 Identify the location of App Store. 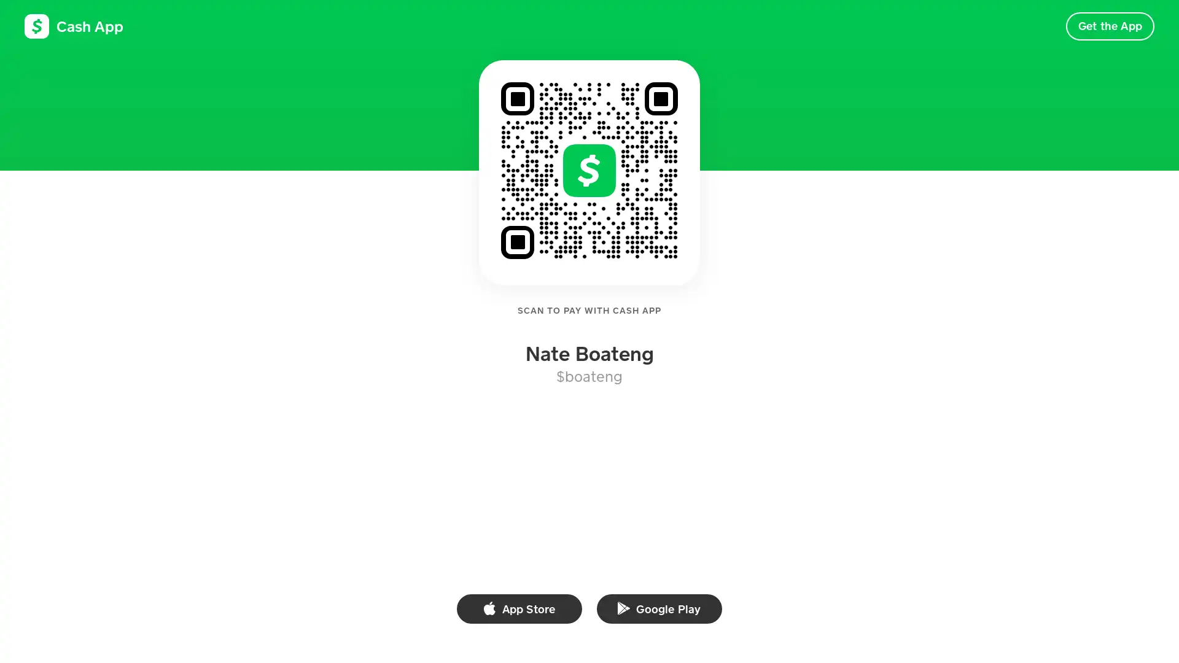
(519, 608).